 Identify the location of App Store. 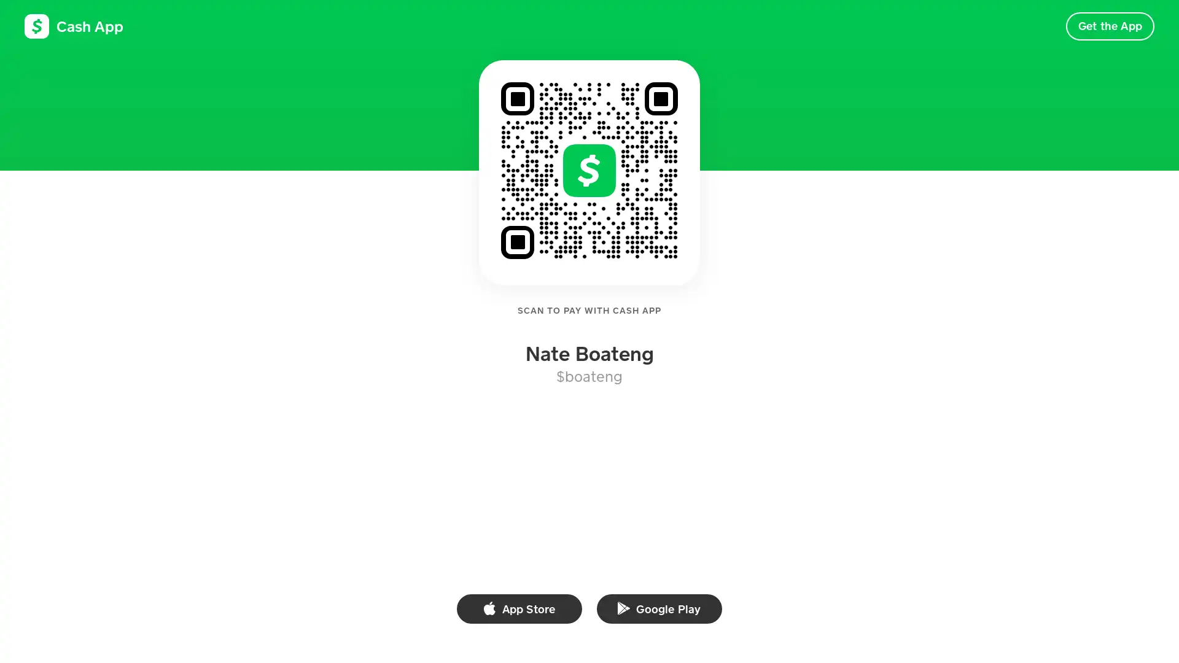
(519, 608).